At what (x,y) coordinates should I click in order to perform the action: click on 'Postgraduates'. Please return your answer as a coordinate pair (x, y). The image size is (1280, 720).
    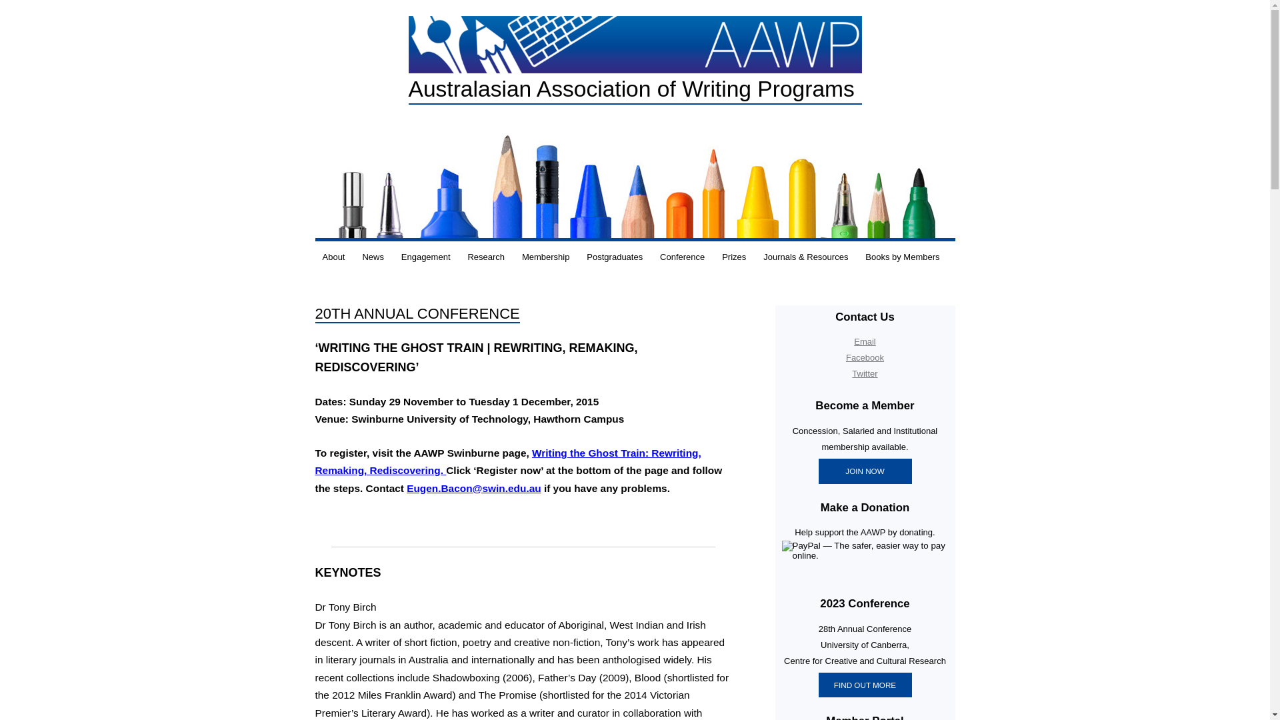
    Looking at the image, I should click on (613, 257).